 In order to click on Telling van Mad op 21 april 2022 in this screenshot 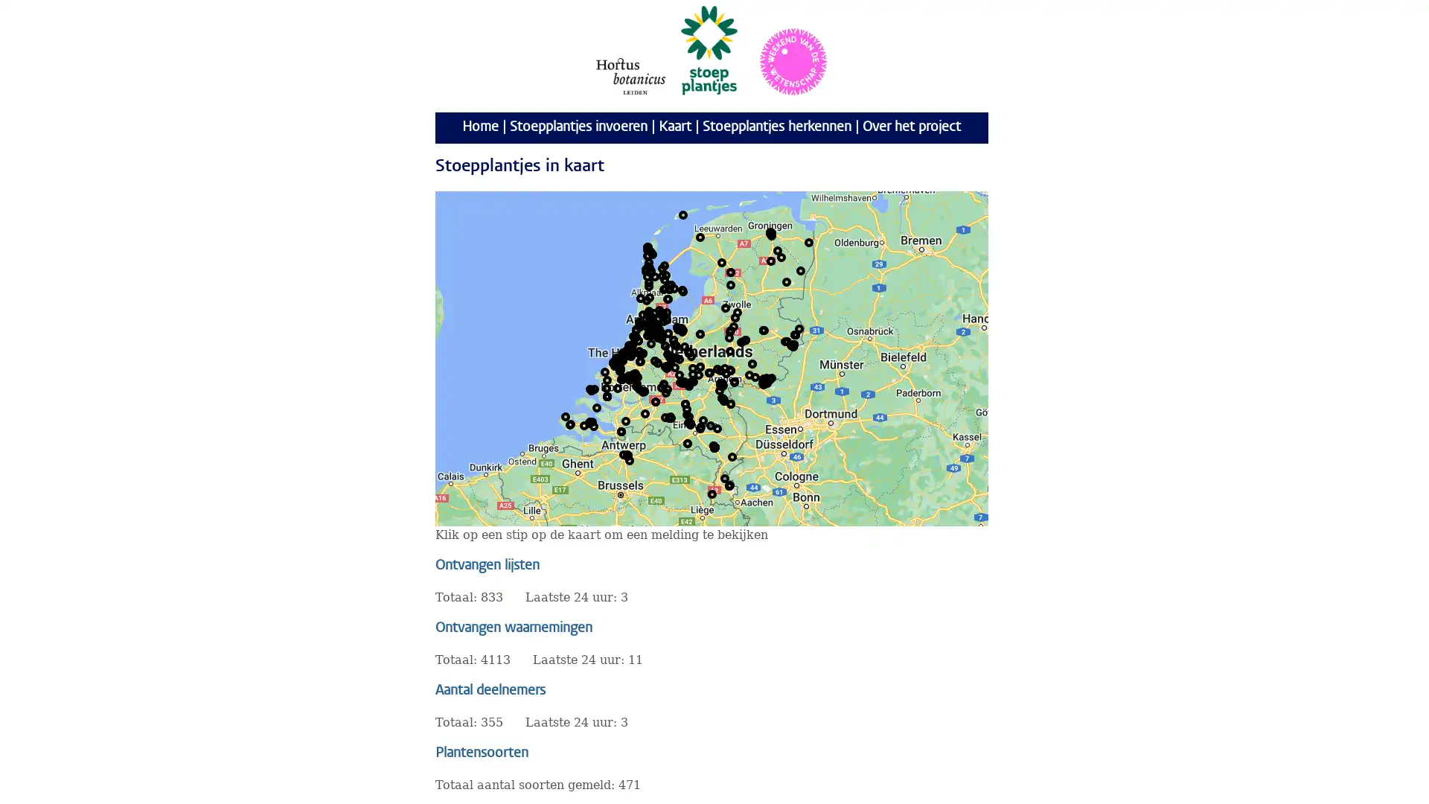, I will do `click(656, 327)`.